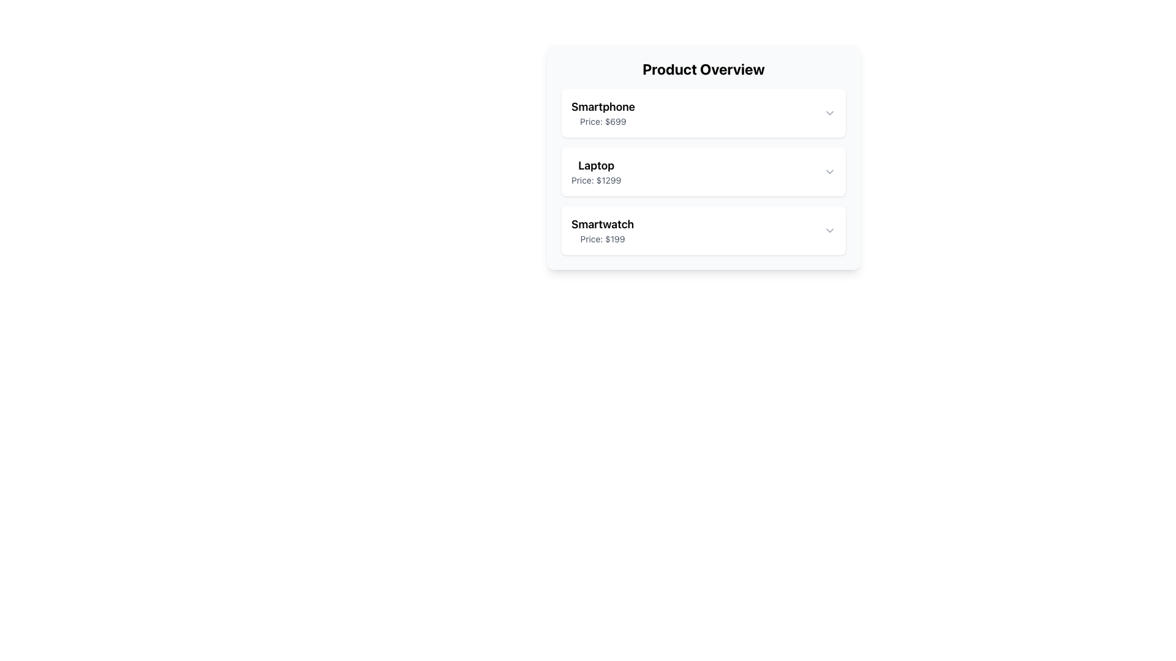  Describe the element at coordinates (603, 239) in the screenshot. I see `the 'Price: $199' label, which is a small muted gray text component located directly below the 'Smartwatch' header in the product overview panel` at that location.